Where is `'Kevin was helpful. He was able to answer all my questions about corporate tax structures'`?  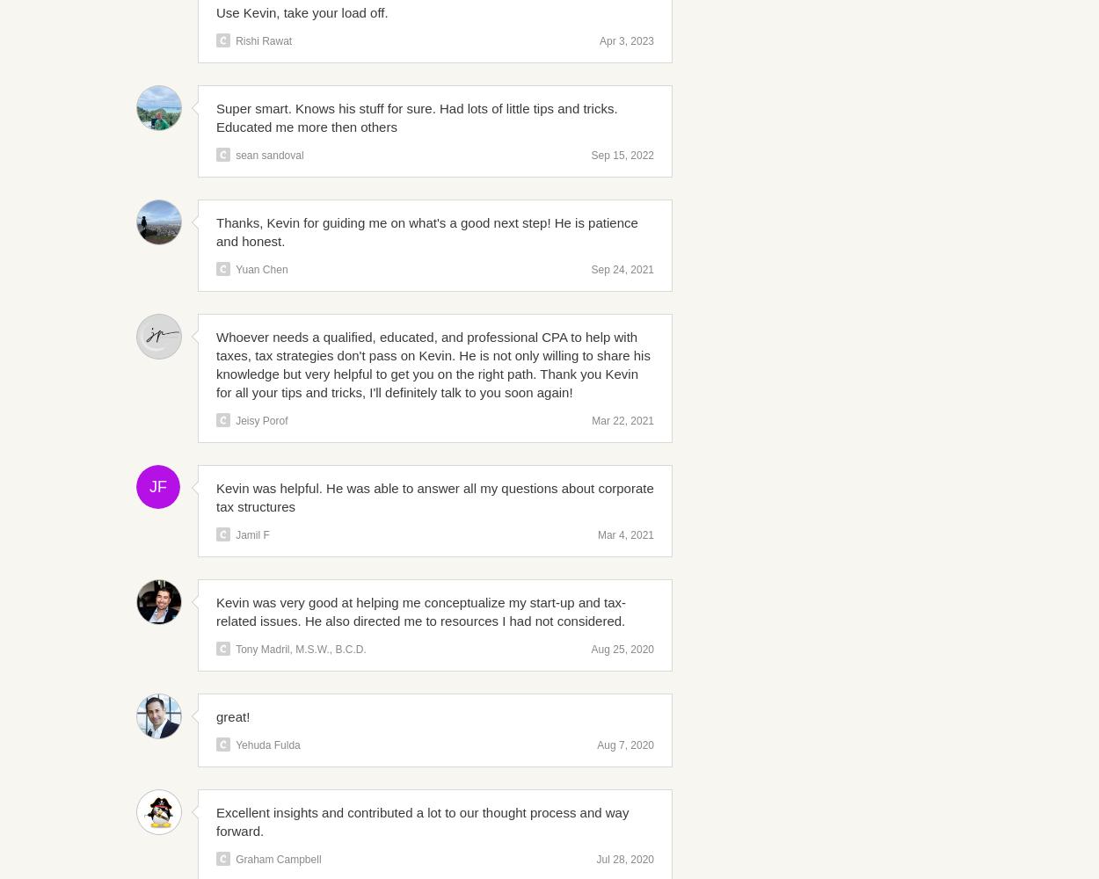 'Kevin was helpful. He was able to answer all my questions about corporate tax structures' is located at coordinates (433, 497).